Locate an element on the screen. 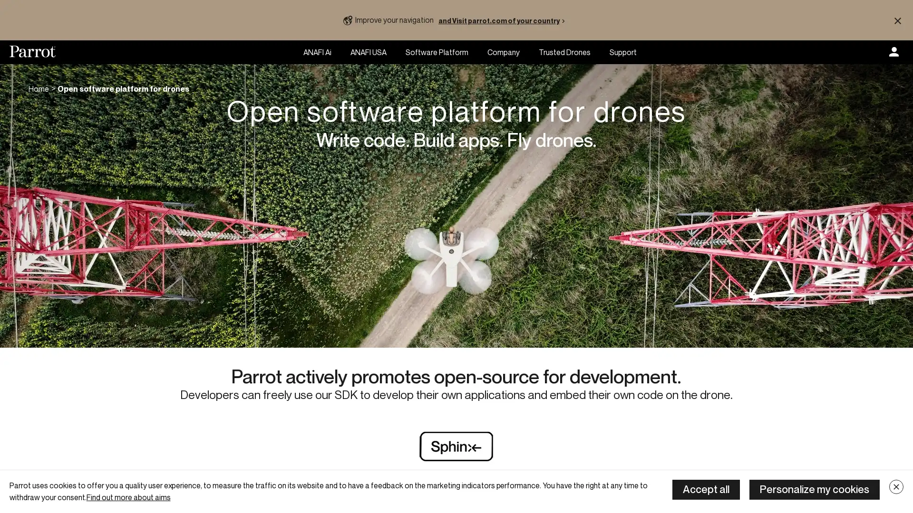  close not-good-shop-alert is located at coordinates (897, 20).